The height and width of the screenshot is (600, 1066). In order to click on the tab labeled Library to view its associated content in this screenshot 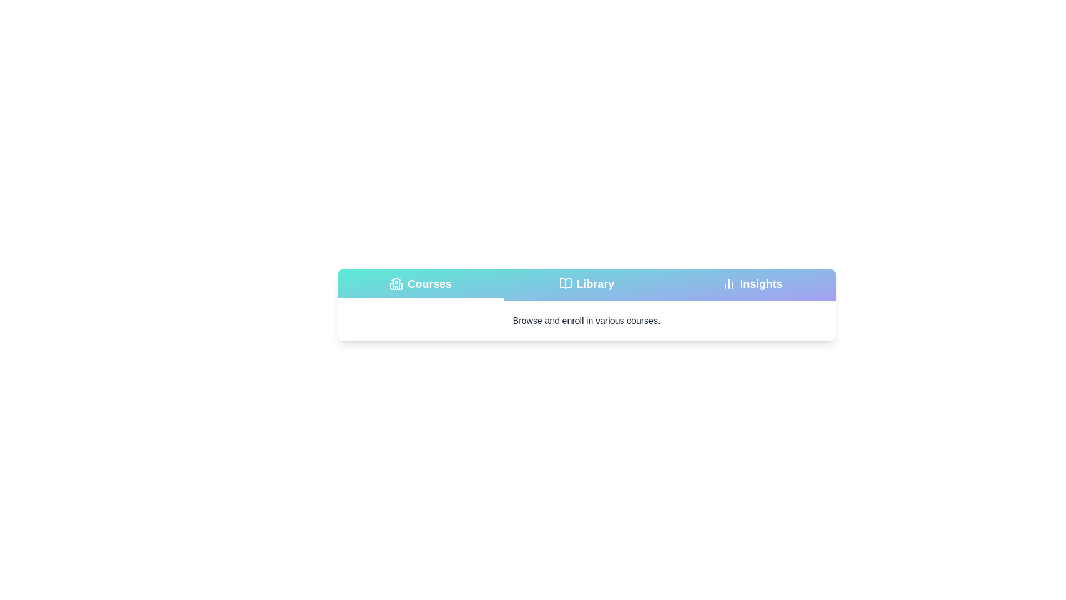, I will do `click(586, 284)`.